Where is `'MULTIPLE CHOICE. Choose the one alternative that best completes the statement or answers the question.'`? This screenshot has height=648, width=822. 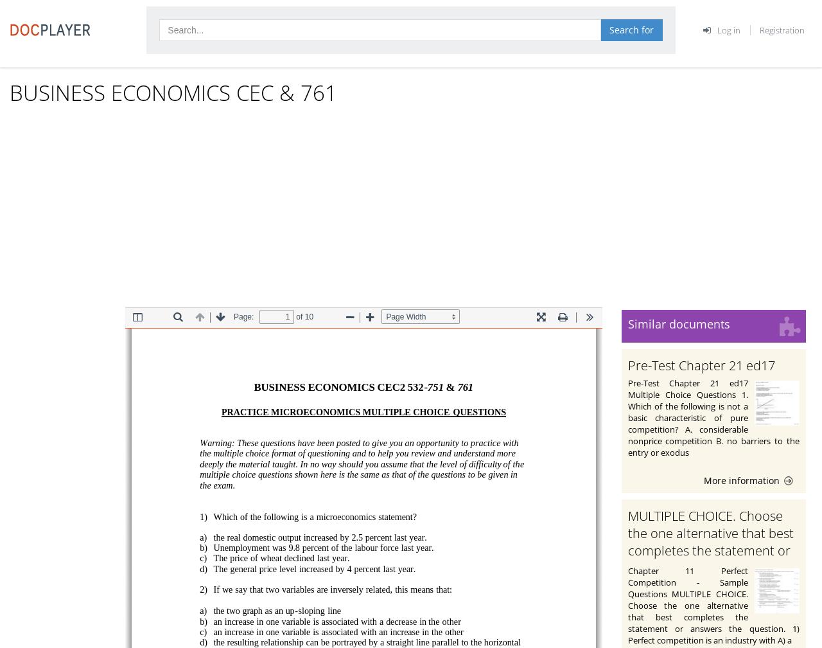 'MULTIPLE CHOICE. Choose the one alternative that best completes the statement or answers the question.' is located at coordinates (627, 541).